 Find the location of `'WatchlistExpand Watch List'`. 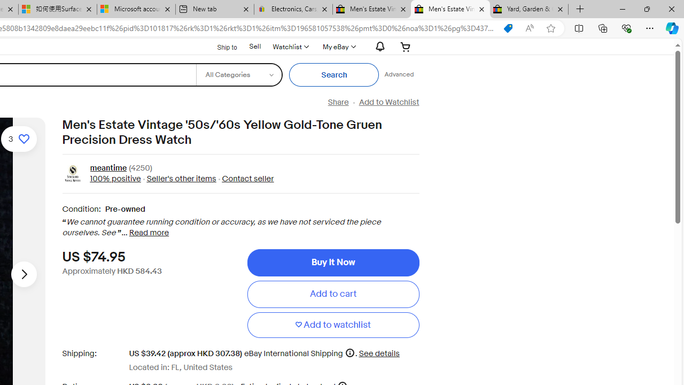

'WatchlistExpand Watch List' is located at coordinates (290, 46).